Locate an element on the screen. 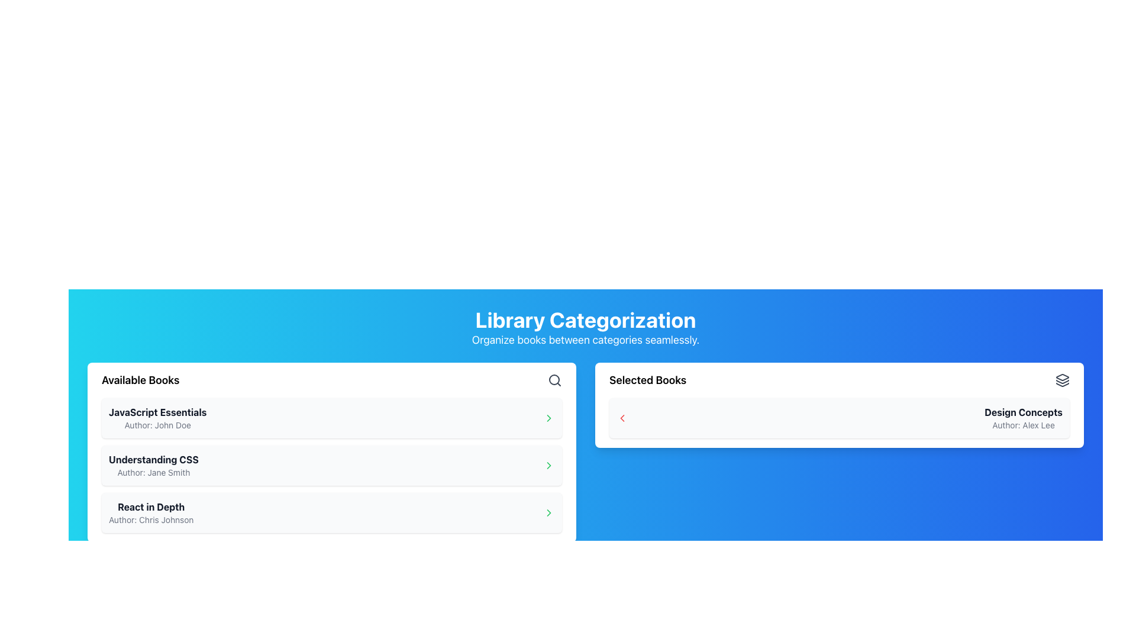 Image resolution: width=1136 pixels, height=639 pixels. the small right-facing chevron icon button located at the bottom-right corner of the 'React in Depth' card in the 'Available Books' section is located at coordinates (548, 512).